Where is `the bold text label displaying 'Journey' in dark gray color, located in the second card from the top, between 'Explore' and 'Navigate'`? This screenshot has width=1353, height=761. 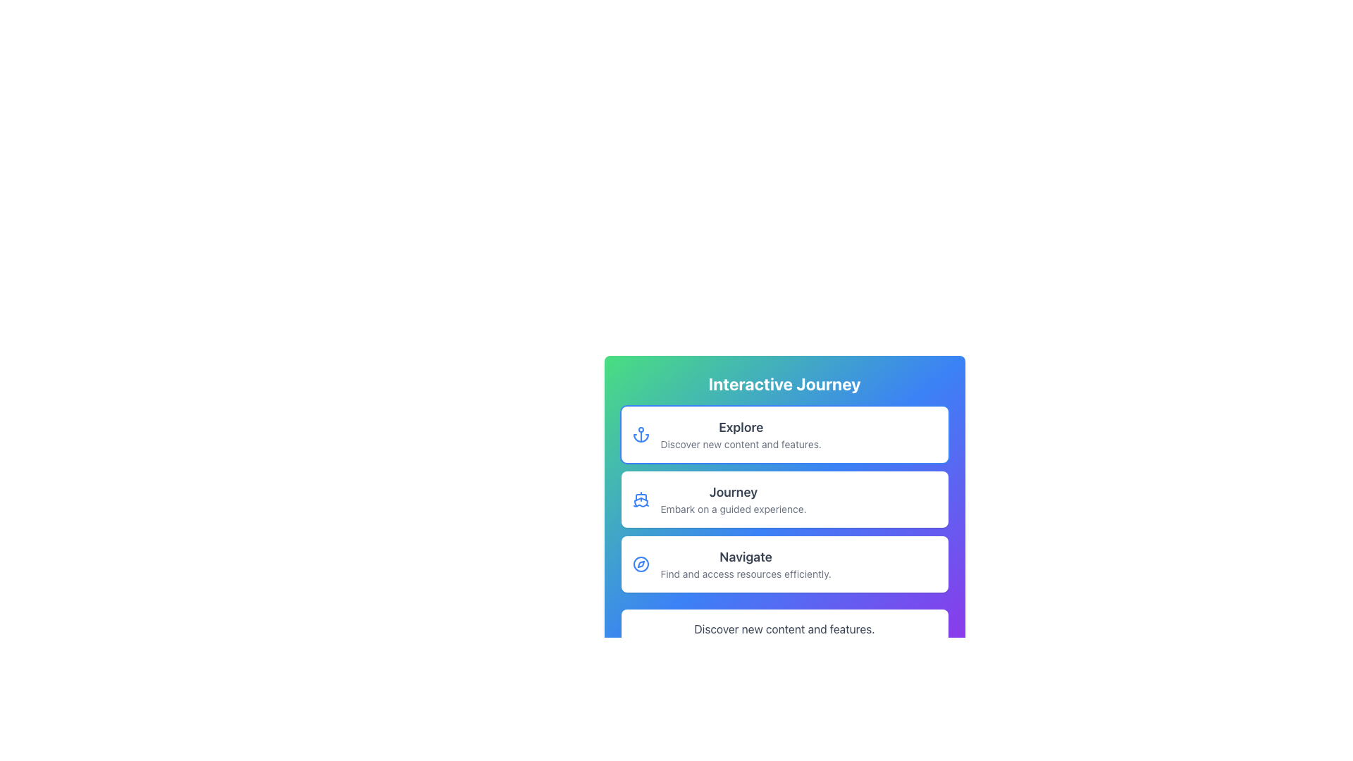
the bold text label displaying 'Journey' in dark gray color, located in the second card from the top, between 'Explore' and 'Navigate' is located at coordinates (733, 491).